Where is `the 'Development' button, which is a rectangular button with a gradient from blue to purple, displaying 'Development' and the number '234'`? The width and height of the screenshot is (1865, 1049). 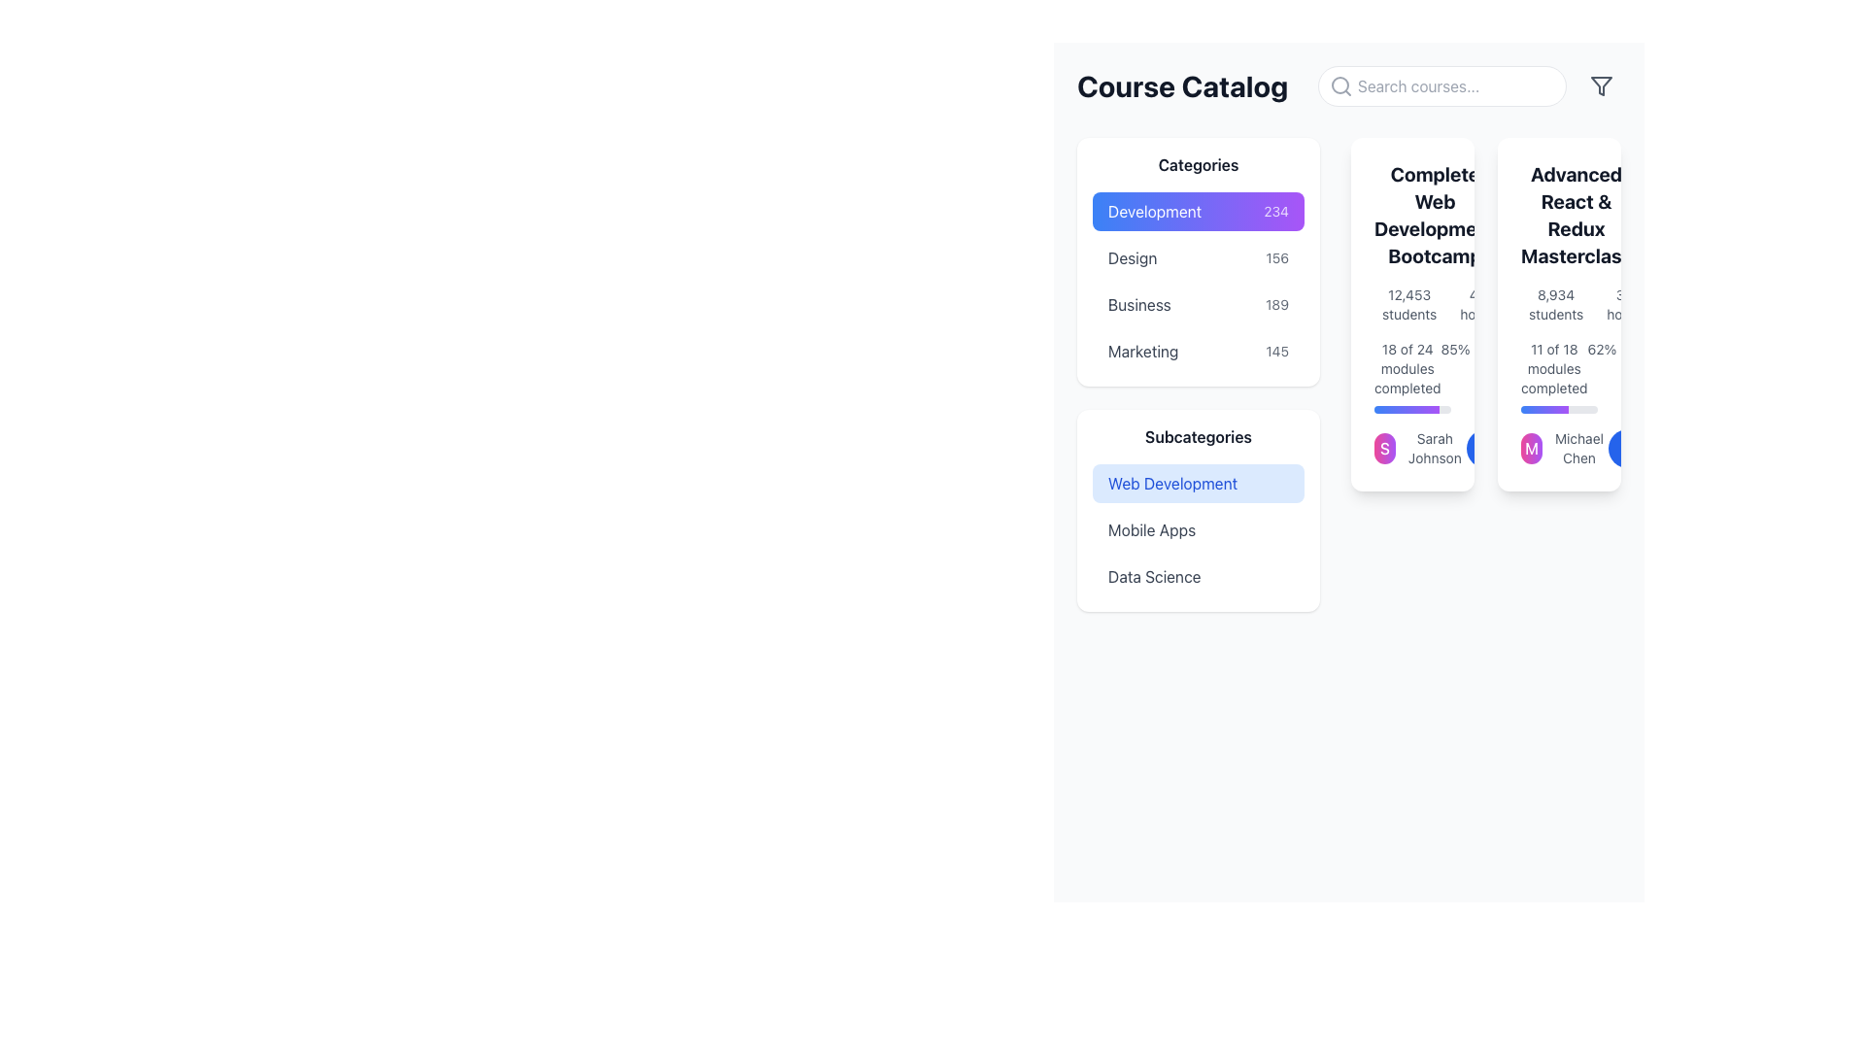
the 'Development' button, which is a rectangular button with a gradient from blue to purple, displaying 'Development' and the number '234' is located at coordinates (1197, 212).